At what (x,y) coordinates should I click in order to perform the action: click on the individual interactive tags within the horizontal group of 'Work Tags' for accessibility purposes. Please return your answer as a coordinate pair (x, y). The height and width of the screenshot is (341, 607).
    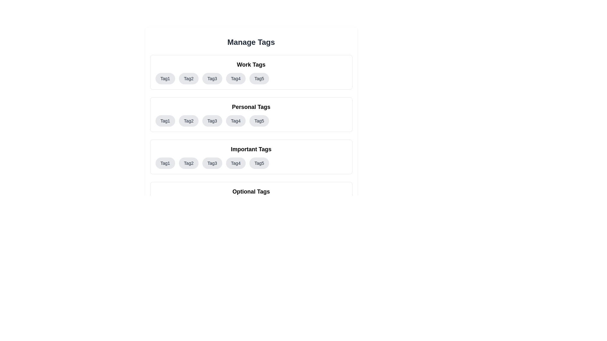
    Looking at the image, I should click on (251, 78).